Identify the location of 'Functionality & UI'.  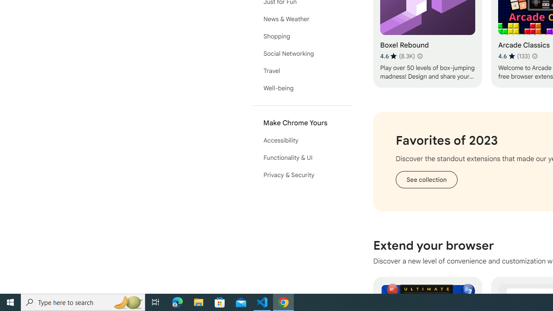
(302, 158).